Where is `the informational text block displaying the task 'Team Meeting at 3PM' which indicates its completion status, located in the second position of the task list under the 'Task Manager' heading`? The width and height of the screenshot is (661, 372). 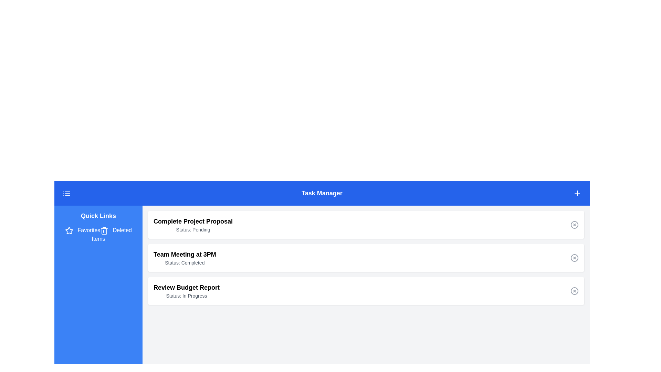
the informational text block displaying the task 'Team Meeting at 3PM' which indicates its completion status, located in the second position of the task list under the 'Task Manager' heading is located at coordinates (185, 258).